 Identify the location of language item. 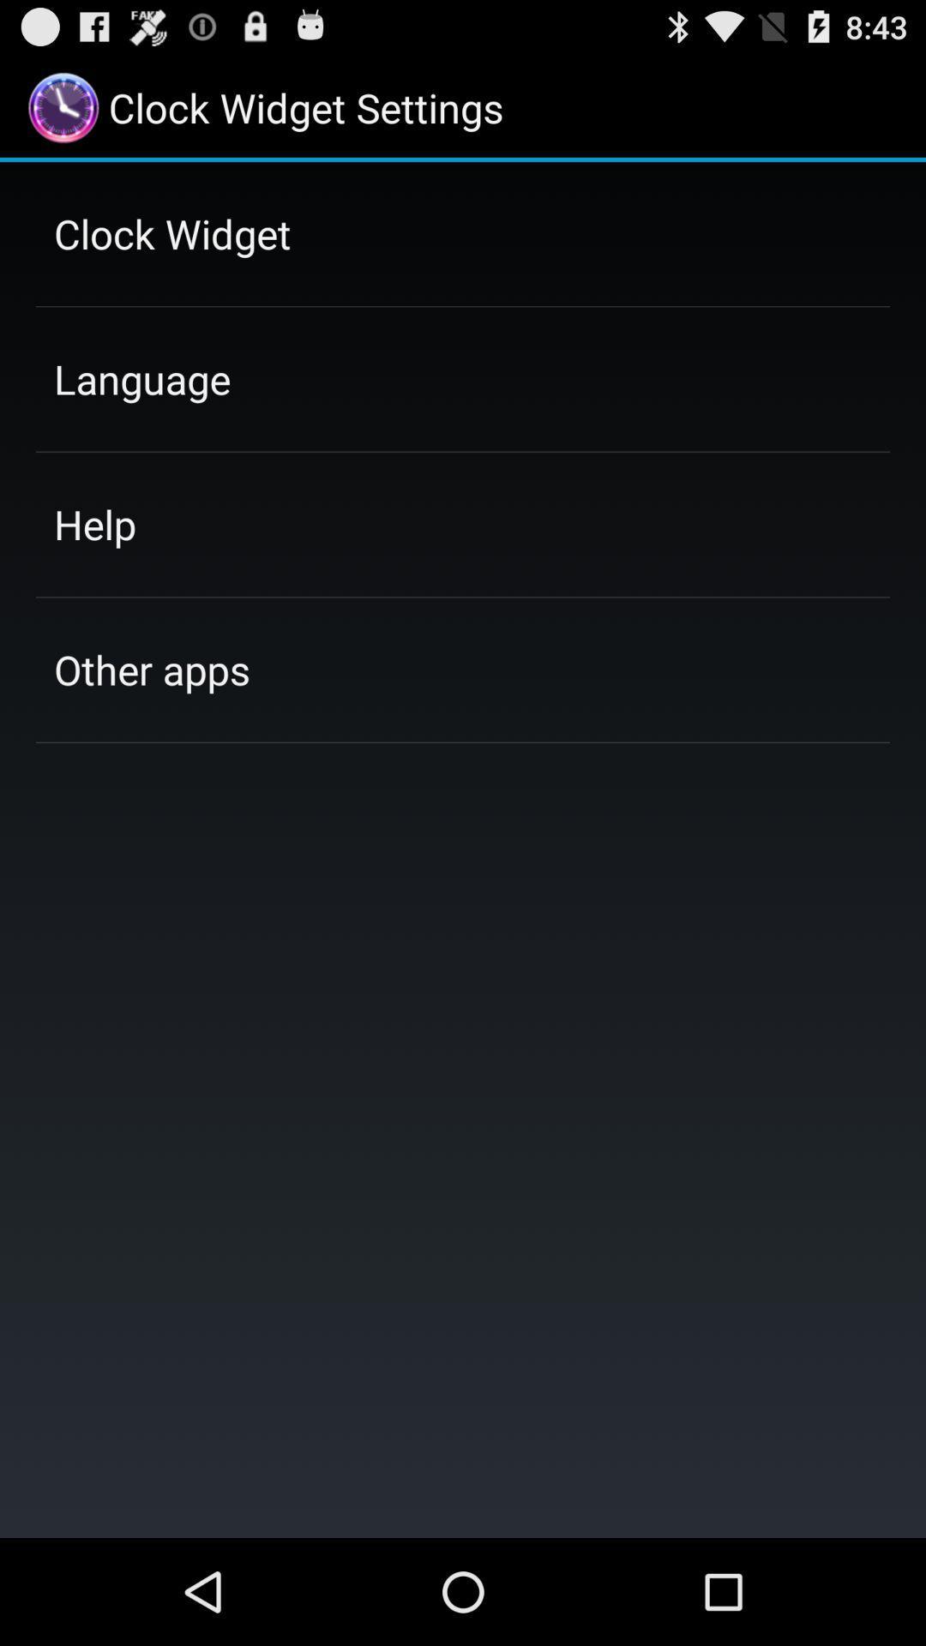
(141, 378).